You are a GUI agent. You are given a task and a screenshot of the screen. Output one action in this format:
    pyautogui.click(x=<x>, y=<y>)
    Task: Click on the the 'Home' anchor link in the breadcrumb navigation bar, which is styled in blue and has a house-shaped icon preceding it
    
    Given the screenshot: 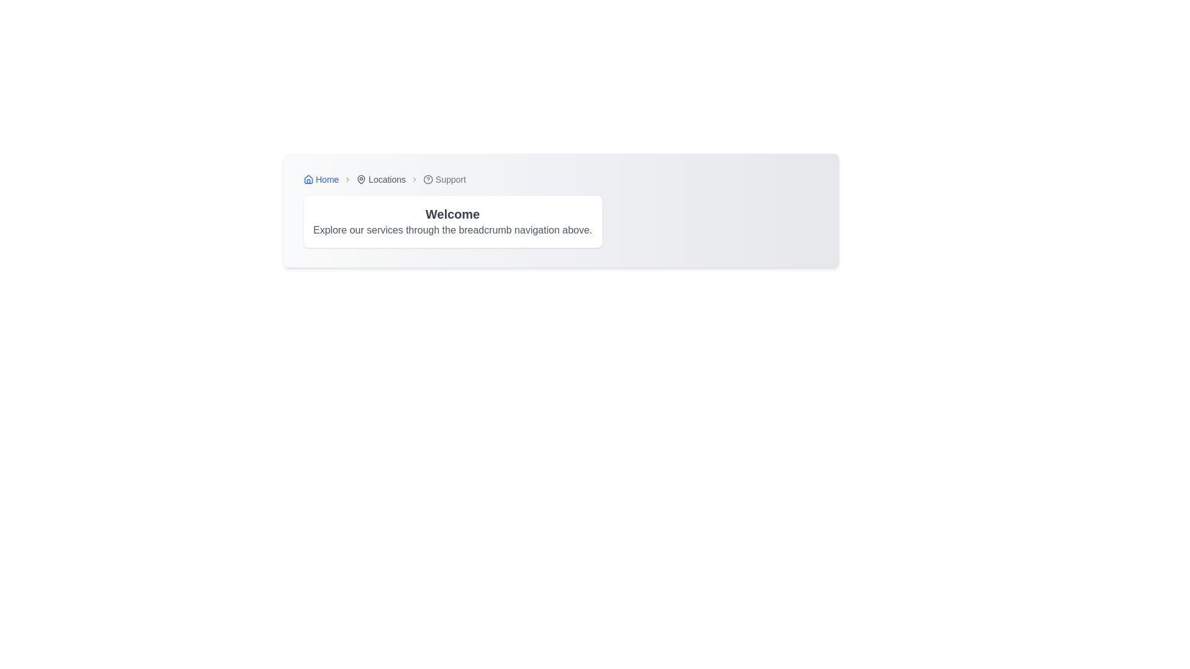 What is the action you would take?
    pyautogui.click(x=321, y=179)
    